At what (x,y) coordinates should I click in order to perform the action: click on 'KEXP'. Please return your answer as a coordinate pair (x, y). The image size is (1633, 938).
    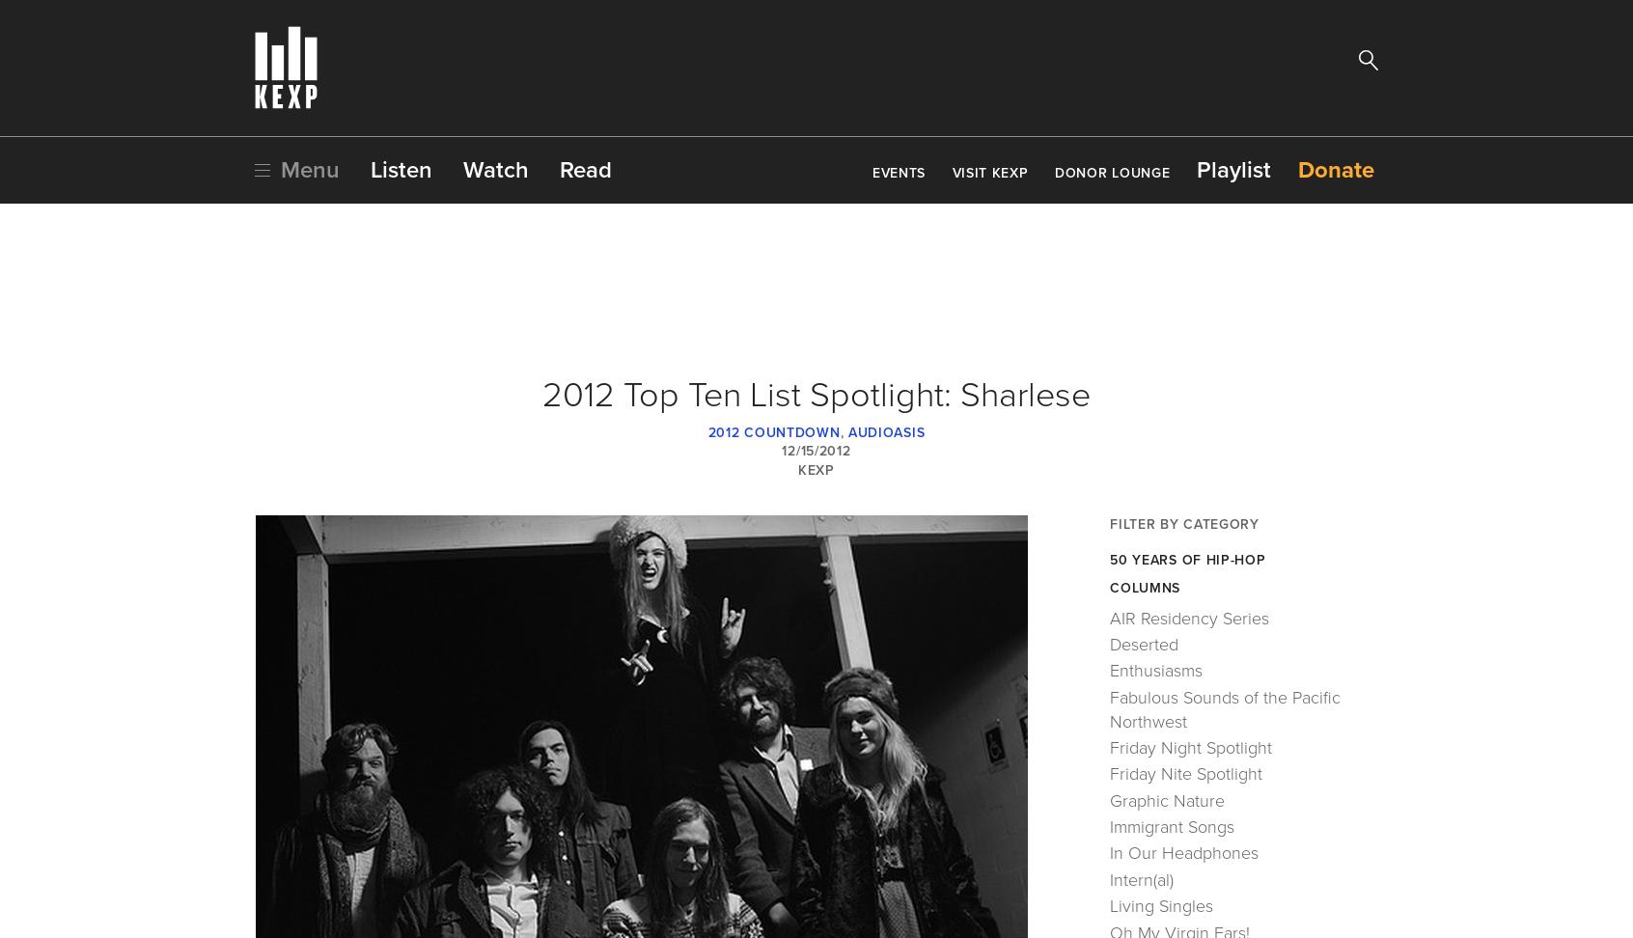
    Looking at the image, I should click on (816, 469).